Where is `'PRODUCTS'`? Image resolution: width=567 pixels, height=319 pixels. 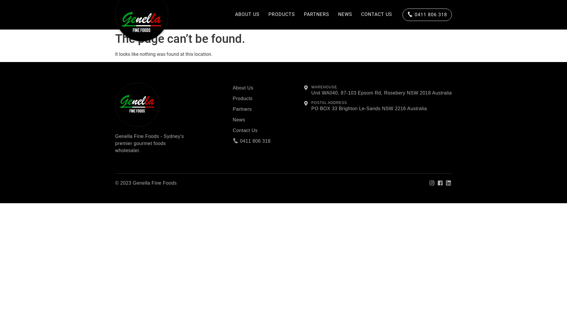
'PRODUCTS' is located at coordinates (281, 14).